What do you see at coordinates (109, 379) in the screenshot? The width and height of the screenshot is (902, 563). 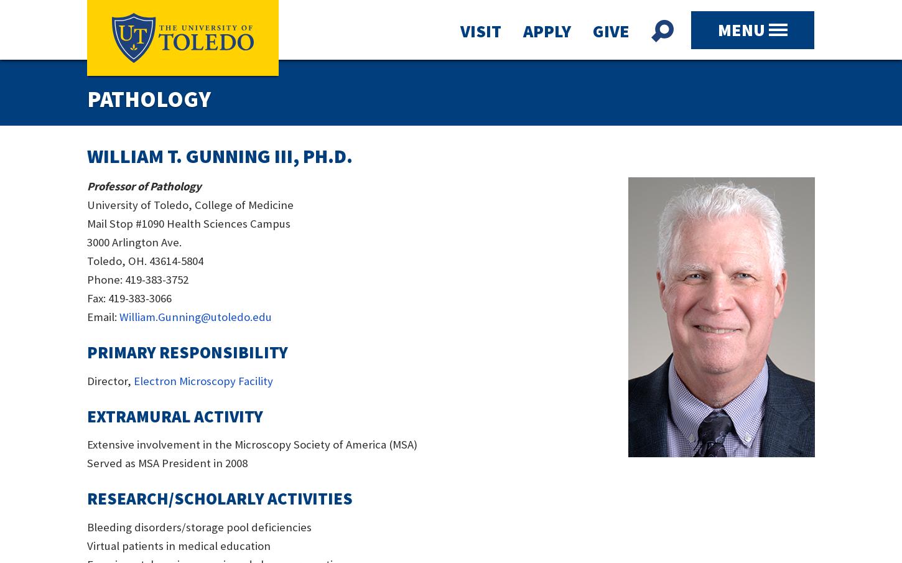 I see `'Director,'` at bounding box center [109, 379].